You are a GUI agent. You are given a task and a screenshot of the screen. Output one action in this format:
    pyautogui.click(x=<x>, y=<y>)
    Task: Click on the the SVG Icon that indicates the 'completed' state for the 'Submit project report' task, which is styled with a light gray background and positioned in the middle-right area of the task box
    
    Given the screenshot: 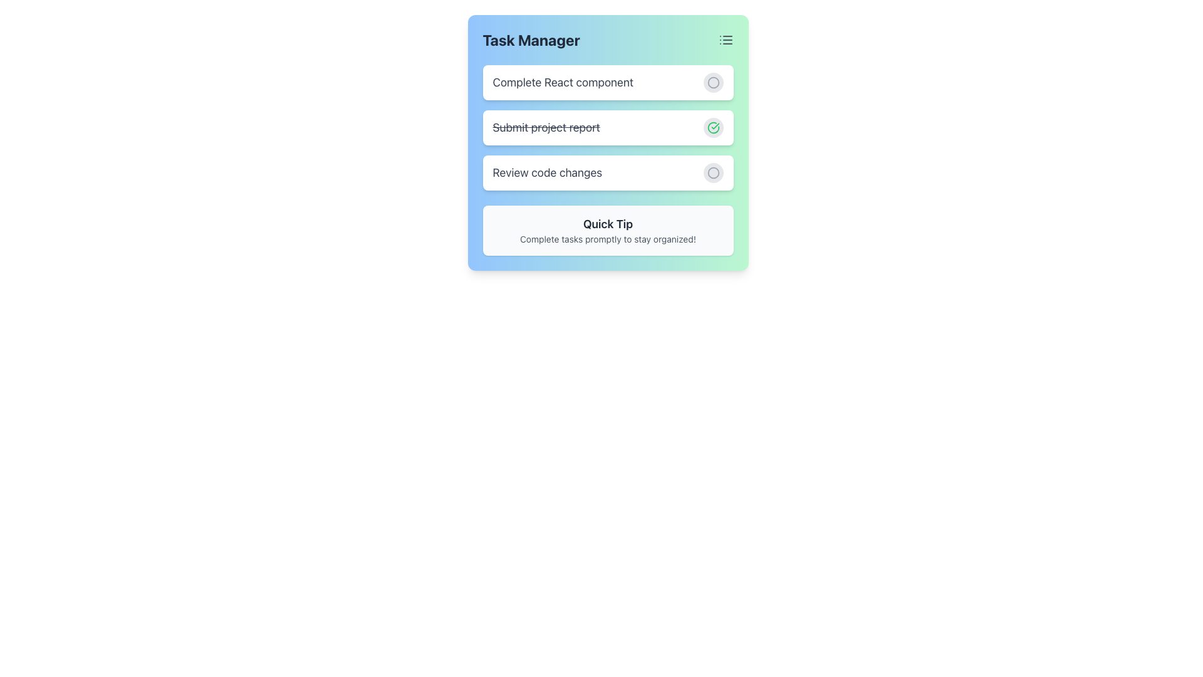 What is the action you would take?
    pyautogui.click(x=713, y=128)
    